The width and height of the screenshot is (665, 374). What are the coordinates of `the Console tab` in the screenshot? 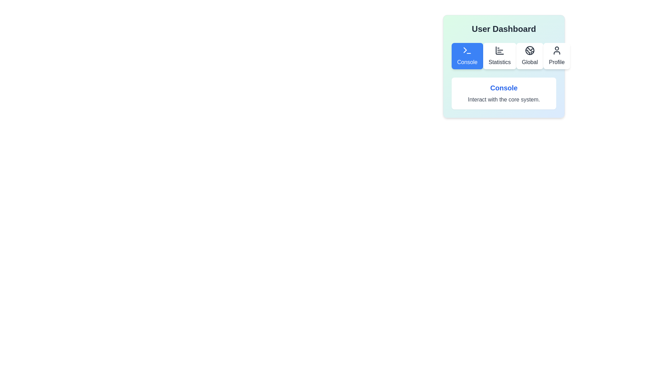 It's located at (467, 56).